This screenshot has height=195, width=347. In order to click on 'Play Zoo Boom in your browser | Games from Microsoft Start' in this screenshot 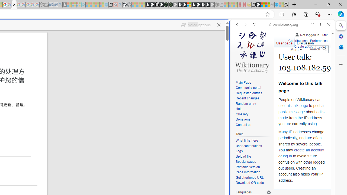, I will do `click(152, 5)`.